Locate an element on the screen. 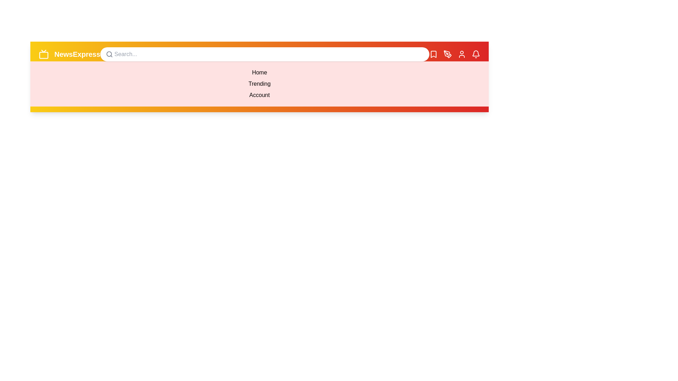  the menu item Trending from the dropdown menu is located at coordinates (259, 84).